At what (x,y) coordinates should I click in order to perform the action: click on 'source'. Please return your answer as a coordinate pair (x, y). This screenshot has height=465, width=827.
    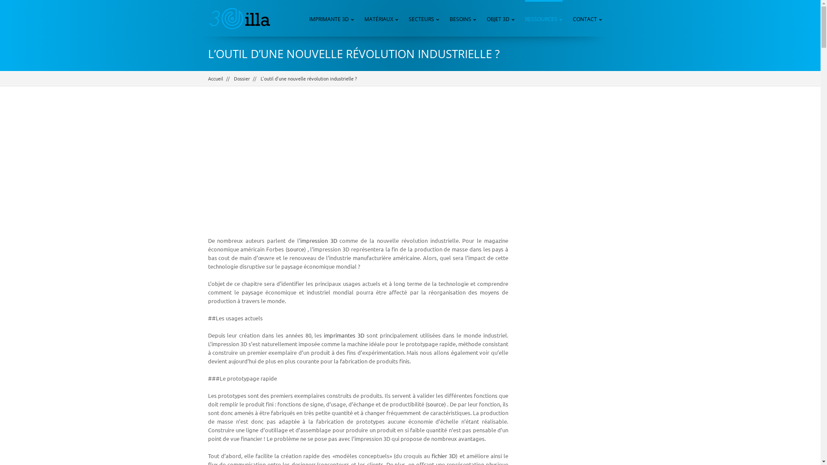
    Looking at the image, I should click on (287, 249).